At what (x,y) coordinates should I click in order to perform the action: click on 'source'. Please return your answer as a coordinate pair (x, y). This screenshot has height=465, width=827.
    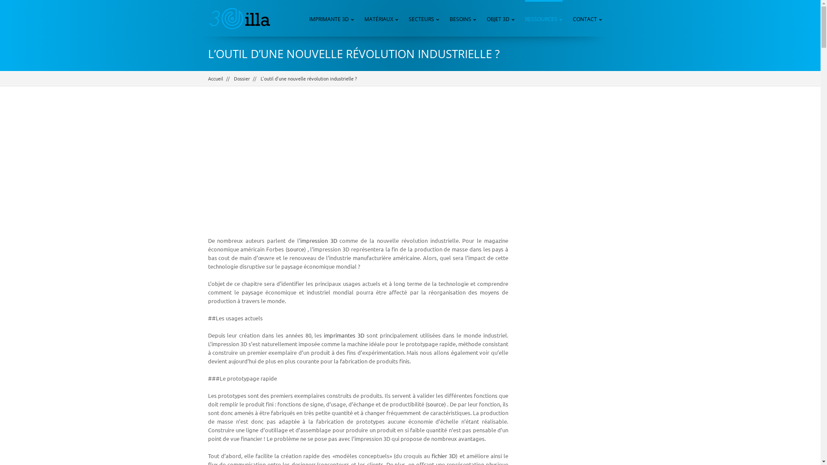
    Looking at the image, I should click on (287, 249).